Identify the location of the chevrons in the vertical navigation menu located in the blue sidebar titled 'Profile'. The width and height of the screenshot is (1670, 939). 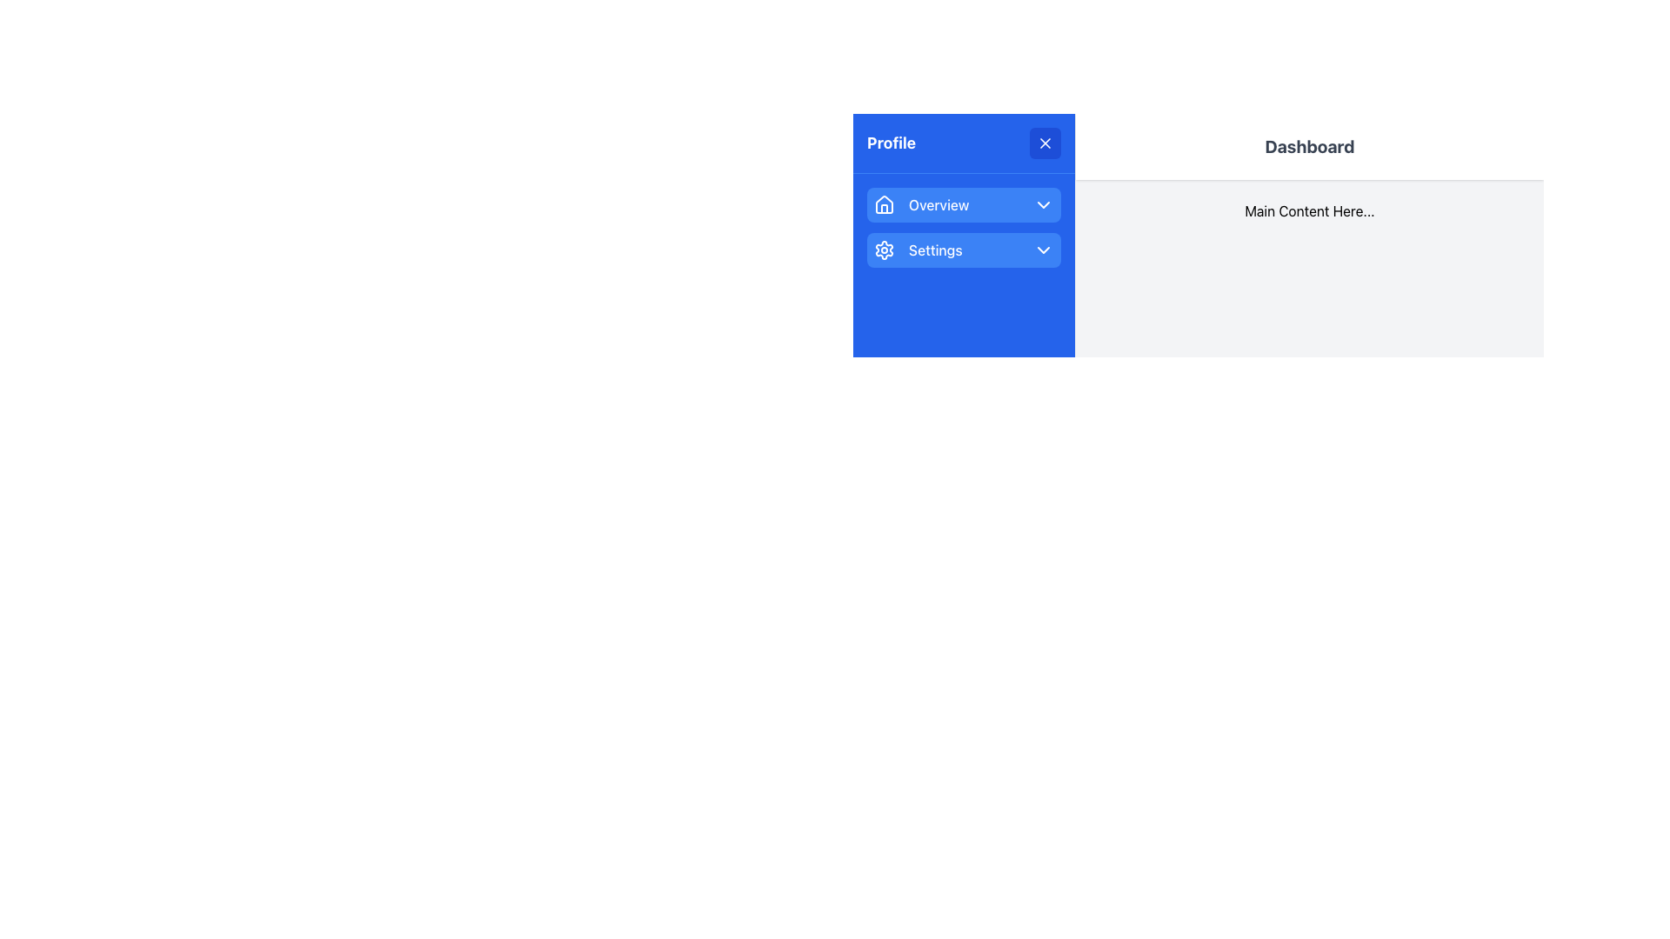
(963, 227).